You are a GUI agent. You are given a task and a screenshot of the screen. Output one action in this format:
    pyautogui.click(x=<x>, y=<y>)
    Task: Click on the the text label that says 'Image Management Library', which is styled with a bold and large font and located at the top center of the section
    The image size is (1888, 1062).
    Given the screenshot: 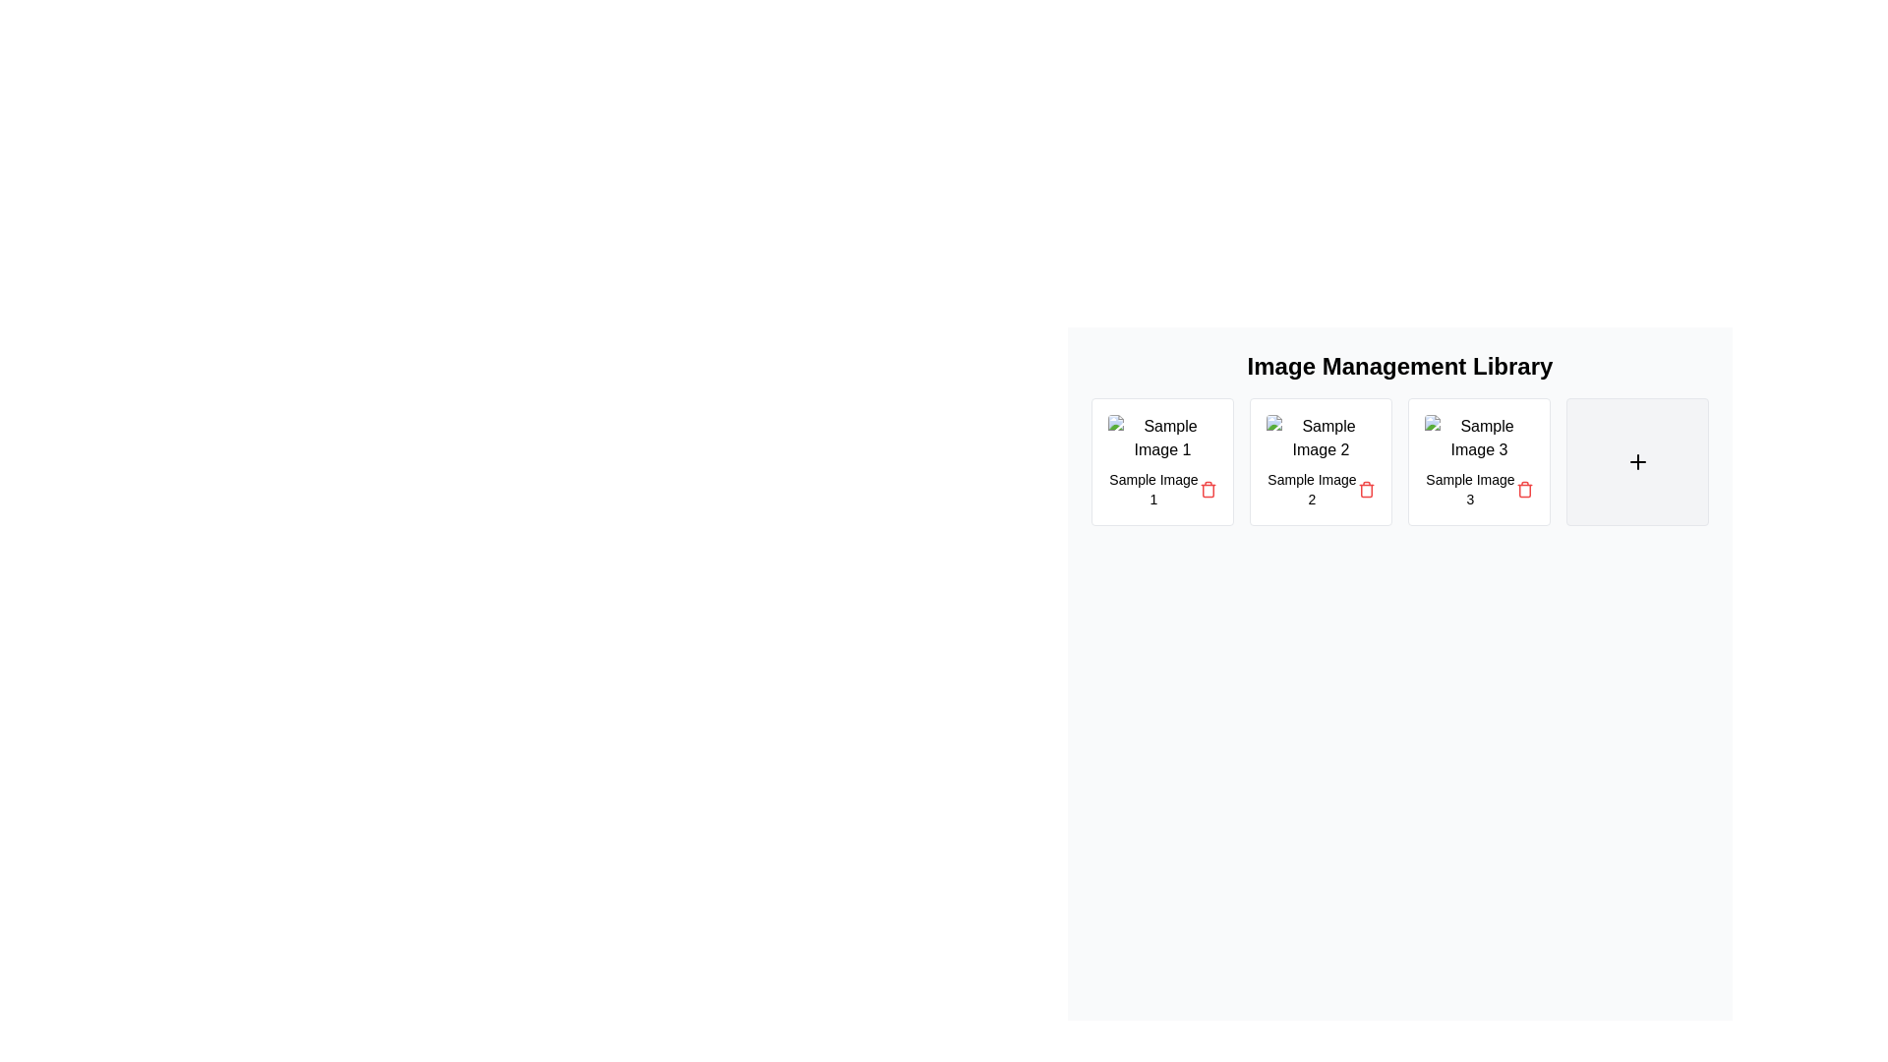 What is the action you would take?
    pyautogui.click(x=1399, y=367)
    